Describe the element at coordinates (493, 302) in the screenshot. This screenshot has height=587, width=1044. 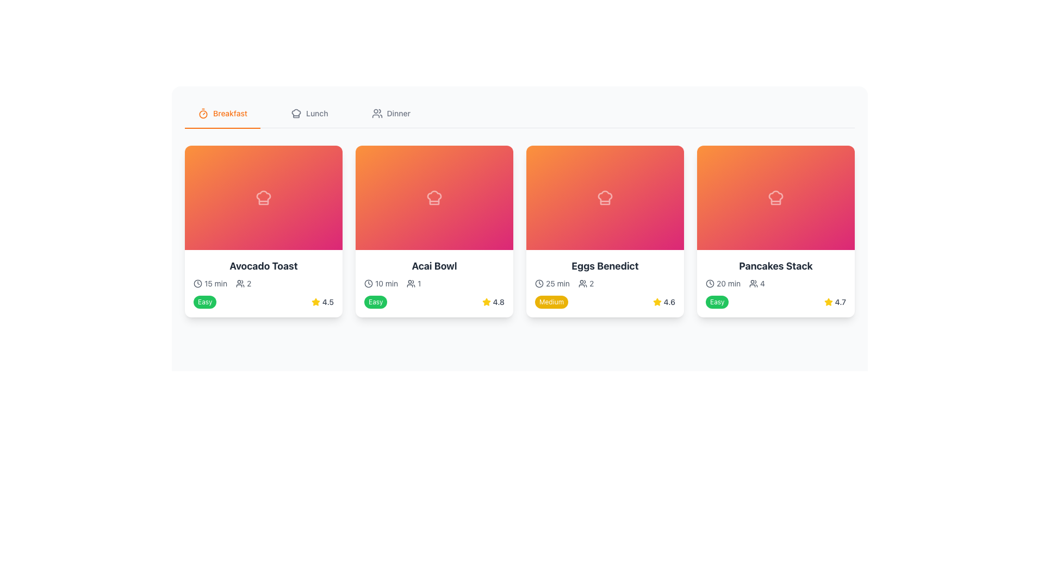
I see `the non-interactive Rating Indicator for the 'Acai Bowl', located in the bottom-right corner of the card` at that location.